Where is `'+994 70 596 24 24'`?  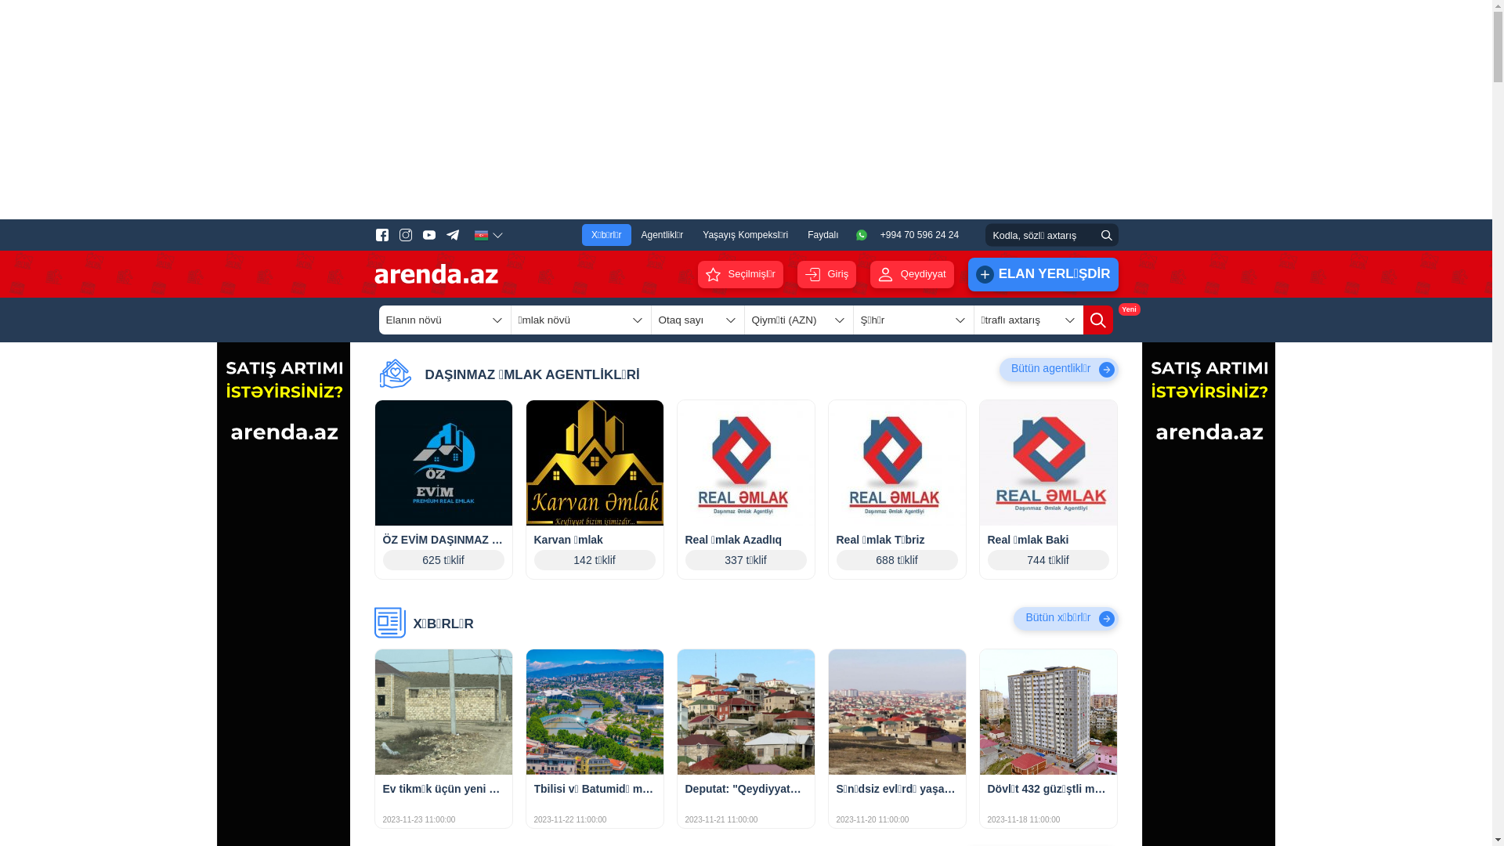
'+994 70 596 24 24' is located at coordinates (854, 235).